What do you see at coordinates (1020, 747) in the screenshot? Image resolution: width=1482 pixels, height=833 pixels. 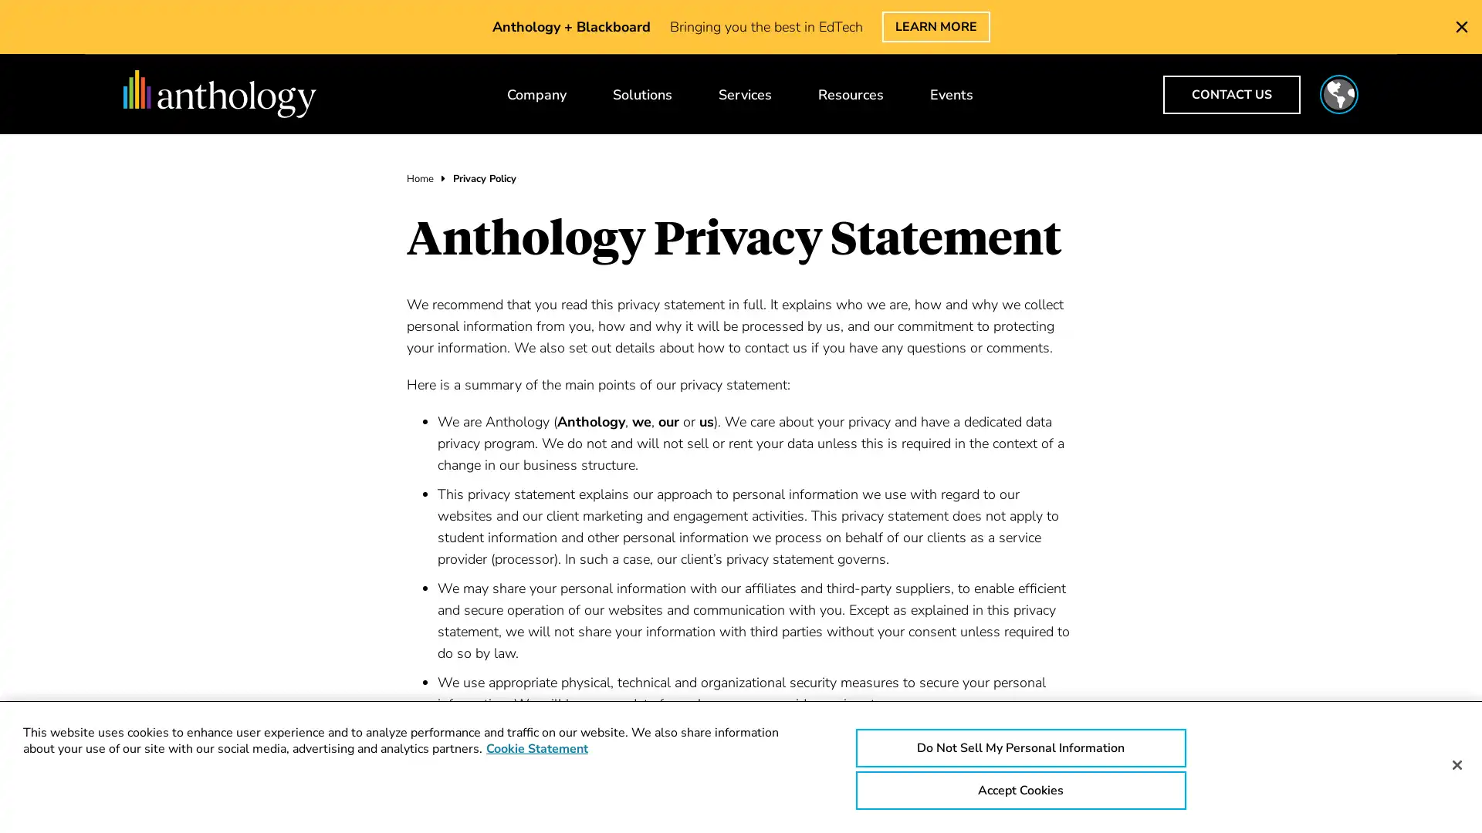 I see `Do Not Sell My Personal Information` at bounding box center [1020, 747].